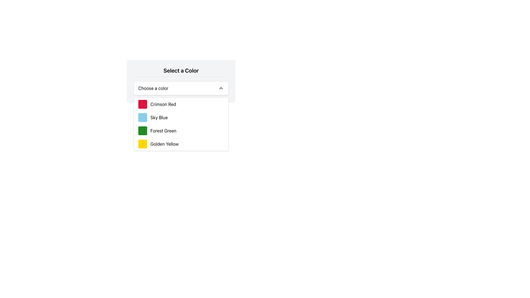 This screenshot has height=298, width=530. What do you see at coordinates (164, 143) in the screenshot?
I see `the 'Golden Yellow' text label in the fourth row of the color options list` at bounding box center [164, 143].